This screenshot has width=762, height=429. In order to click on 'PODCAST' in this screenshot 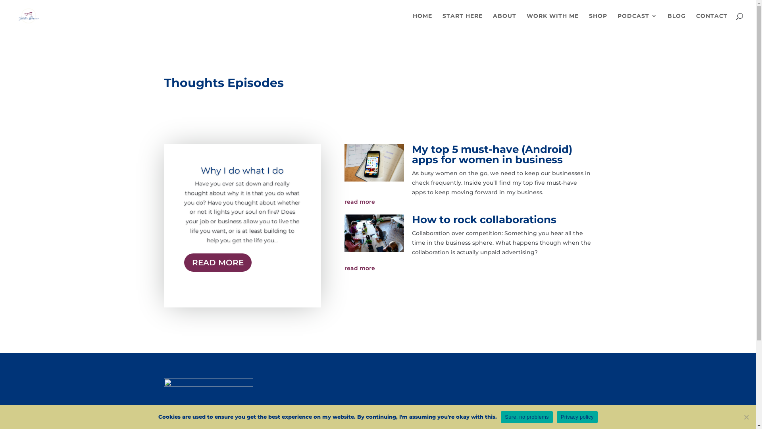, I will do `click(617, 22)`.